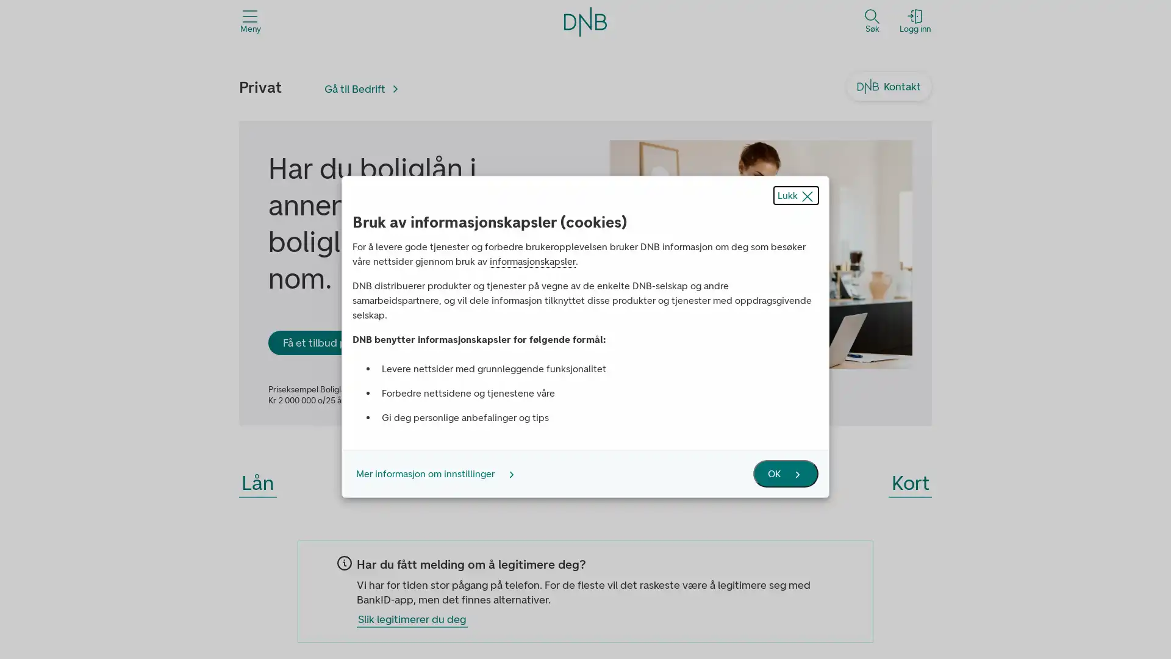  Describe the element at coordinates (889, 86) in the screenshot. I see `Kontakt` at that location.